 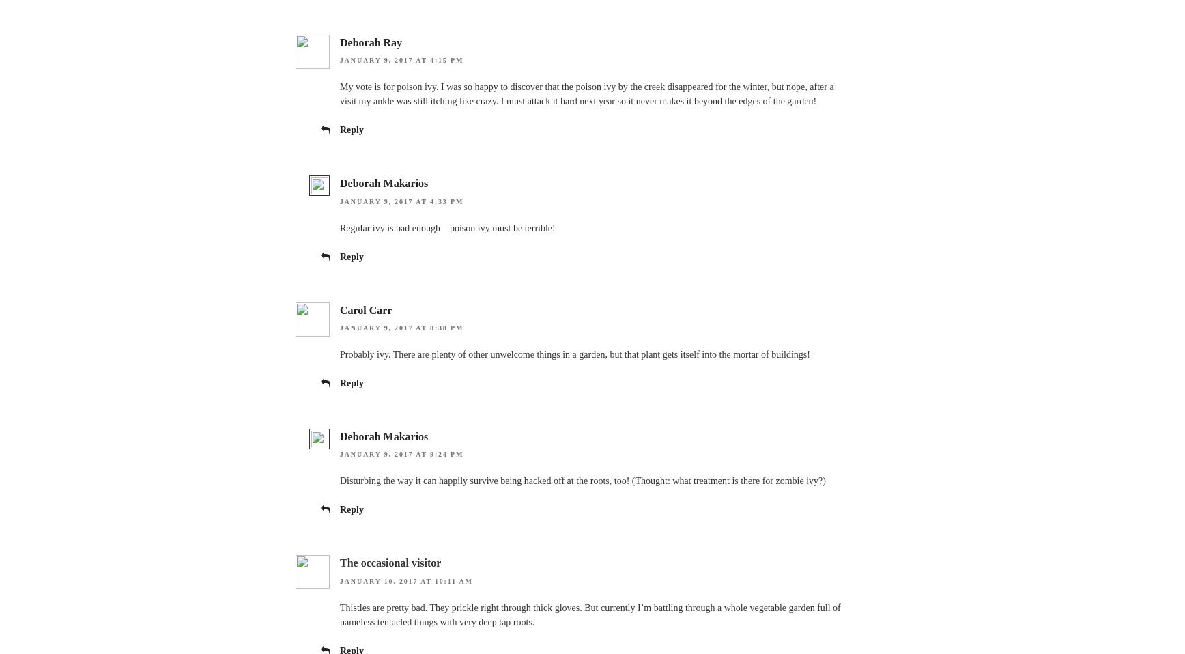 I want to click on 'Regular ivy is bad enough – poison ivy must be terrible!', so click(x=447, y=227).